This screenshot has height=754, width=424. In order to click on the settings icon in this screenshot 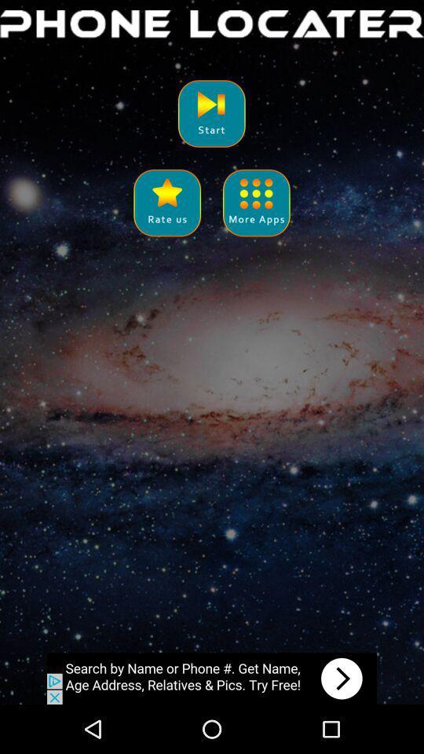, I will do `click(256, 216)`.